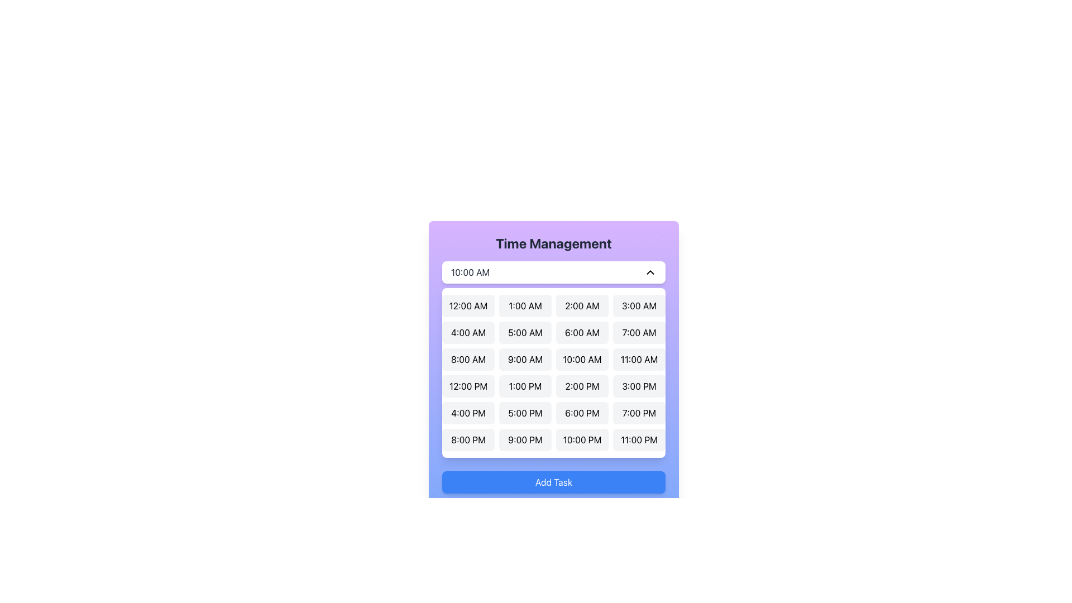 The height and width of the screenshot is (603, 1072). I want to click on the button that represents the selectable time option '10:00 AM' located in the third column of the third row in the grid layout, so click(581, 360).